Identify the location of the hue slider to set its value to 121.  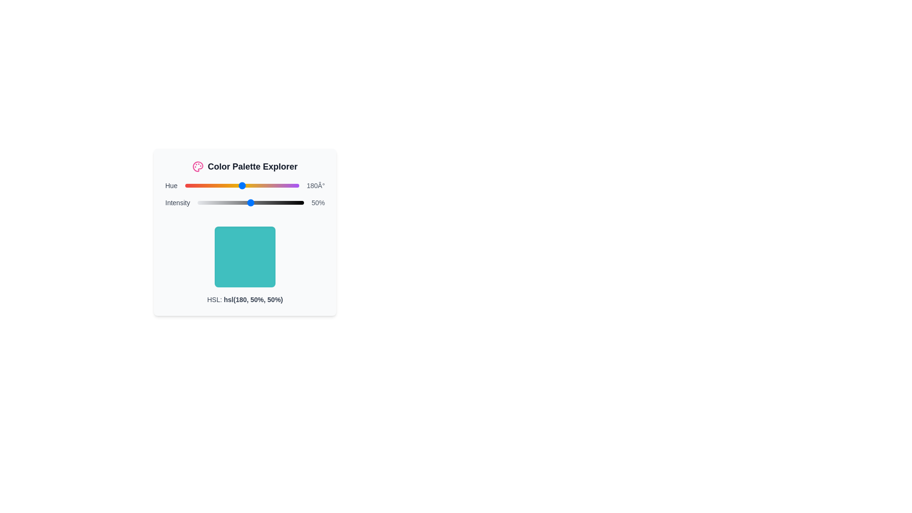
(223, 185).